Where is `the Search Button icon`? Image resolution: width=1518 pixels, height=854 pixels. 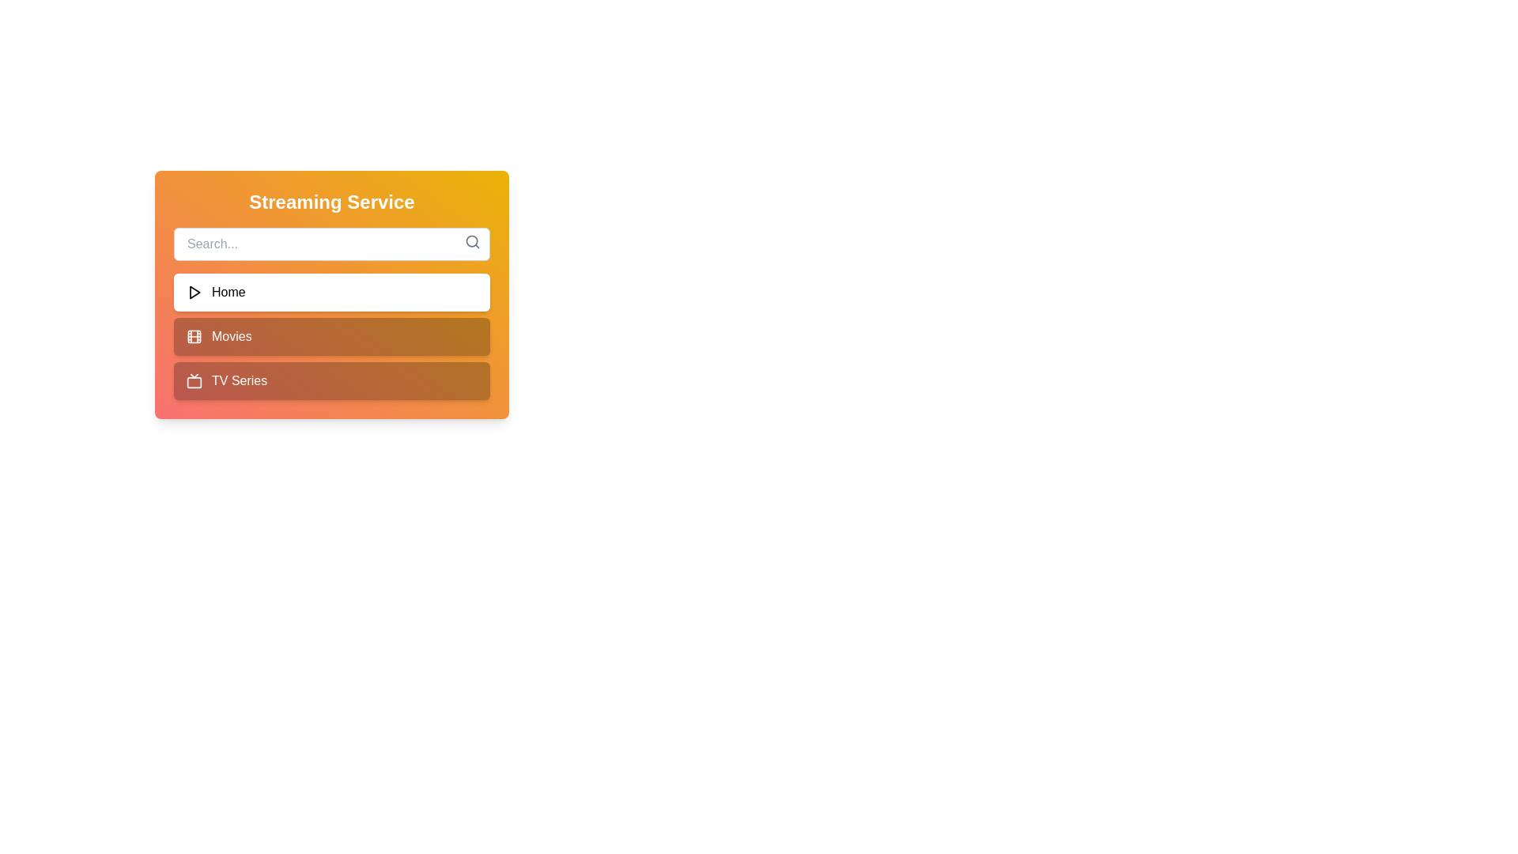
the Search Button icon is located at coordinates (472, 241).